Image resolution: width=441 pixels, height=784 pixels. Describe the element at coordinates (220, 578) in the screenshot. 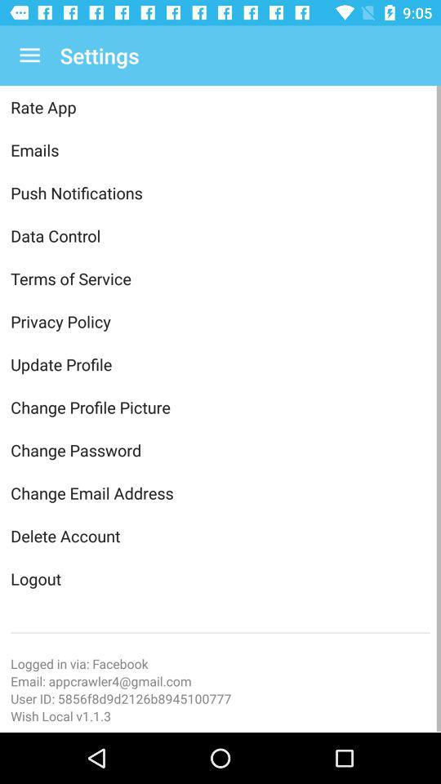

I see `the icon below delete account` at that location.